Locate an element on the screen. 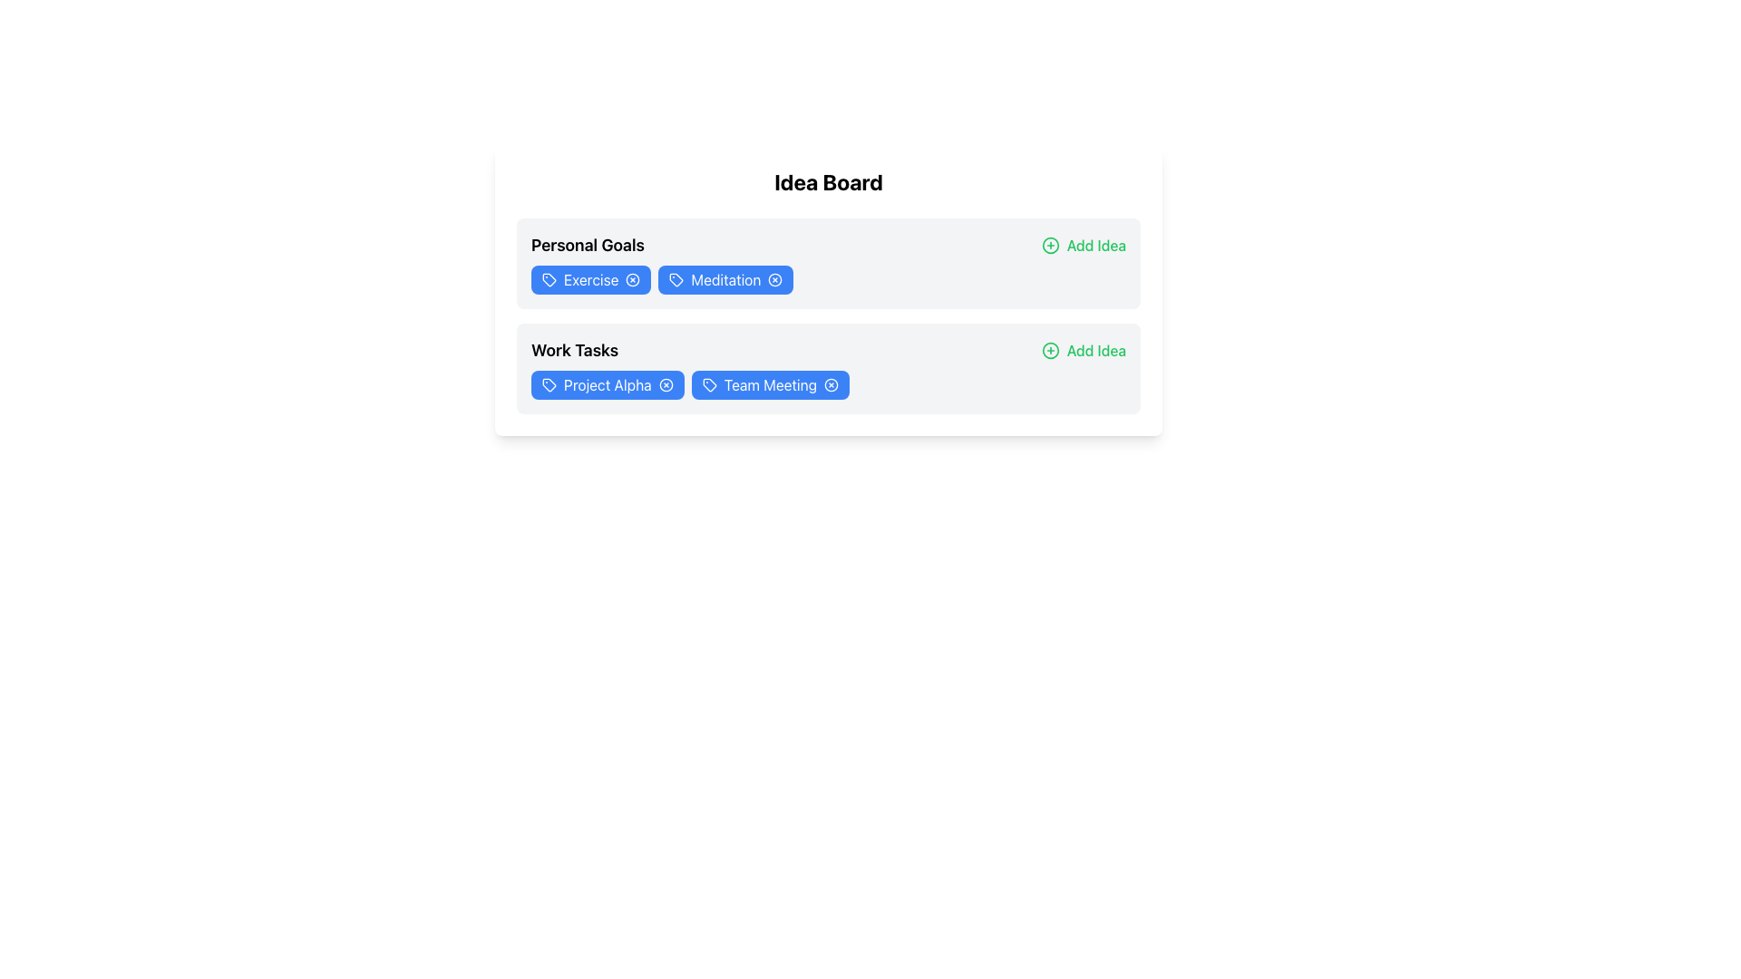 The width and height of the screenshot is (1741, 979). the tag labeled 'Project Alpha Team Meeting' which has a blue background and white text, located under the 'Work Tasks' header in the 'Idea Board' section is located at coordinates (827, 383).